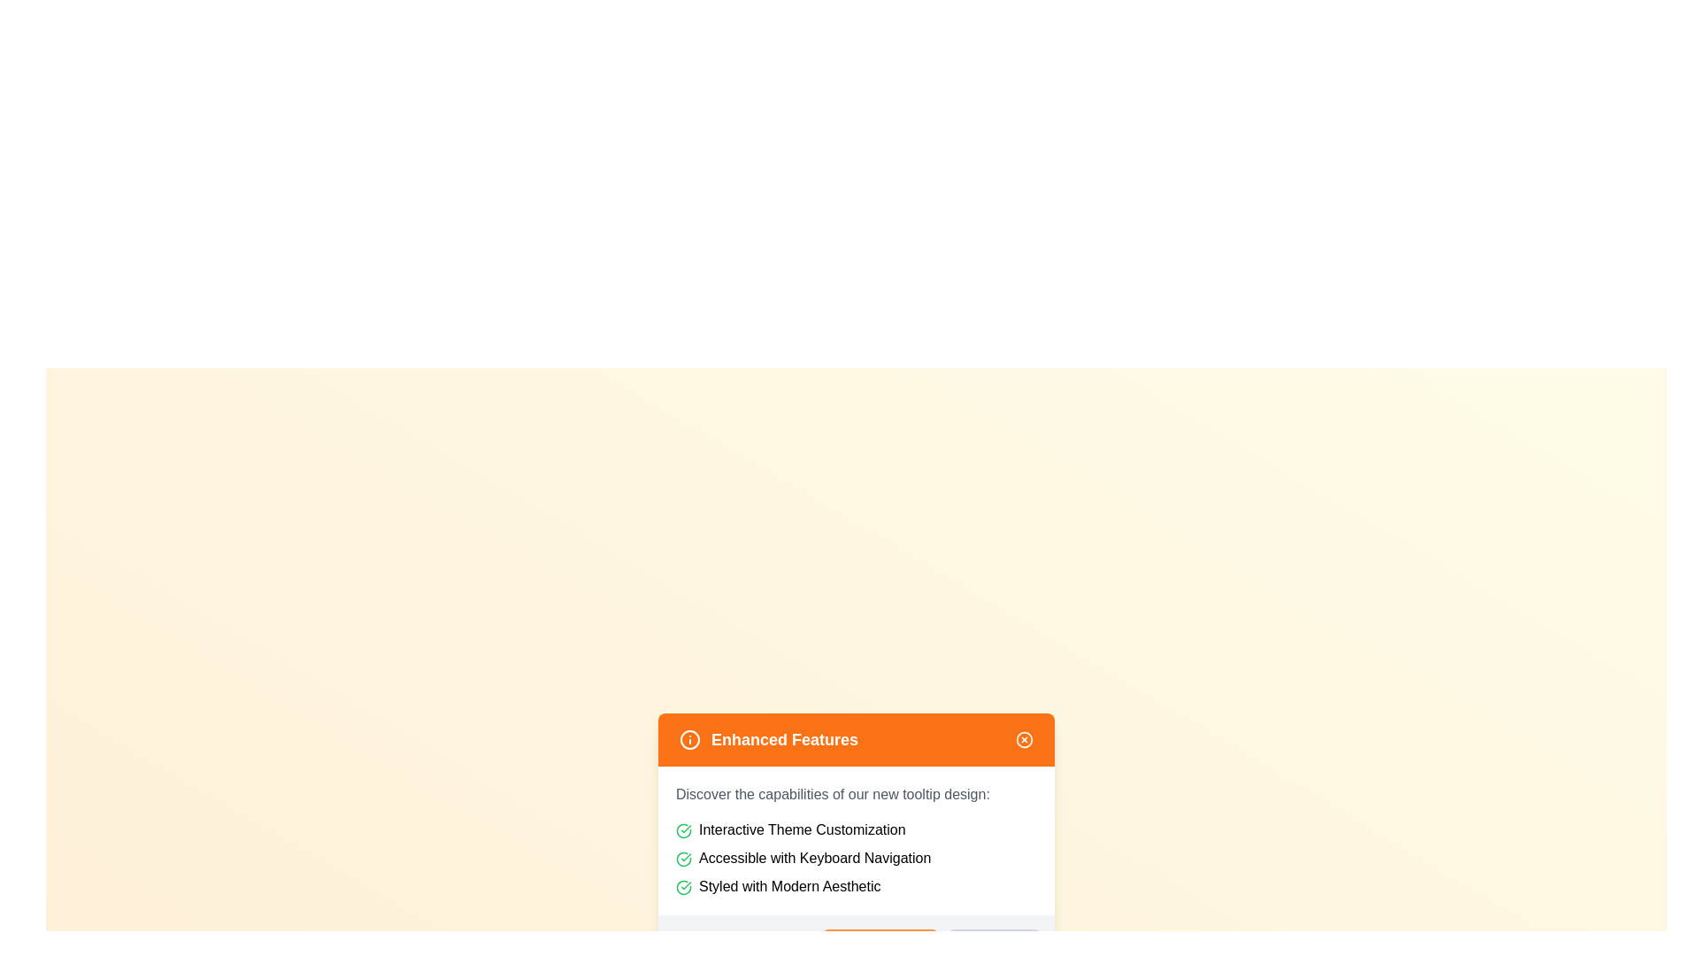 This screenshot has width=1699, height=956. Describe the element at coordinates (682, 858) in the screenshot. I see `the graphical line forming part of the checkmark icon within the SVG component that indicates a completed state` at that location.